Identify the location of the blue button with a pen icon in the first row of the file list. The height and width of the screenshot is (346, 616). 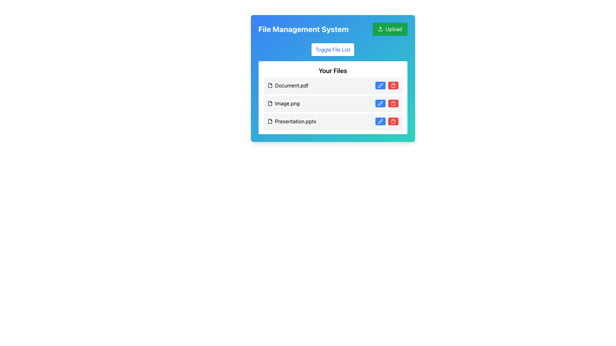
(380, 85).